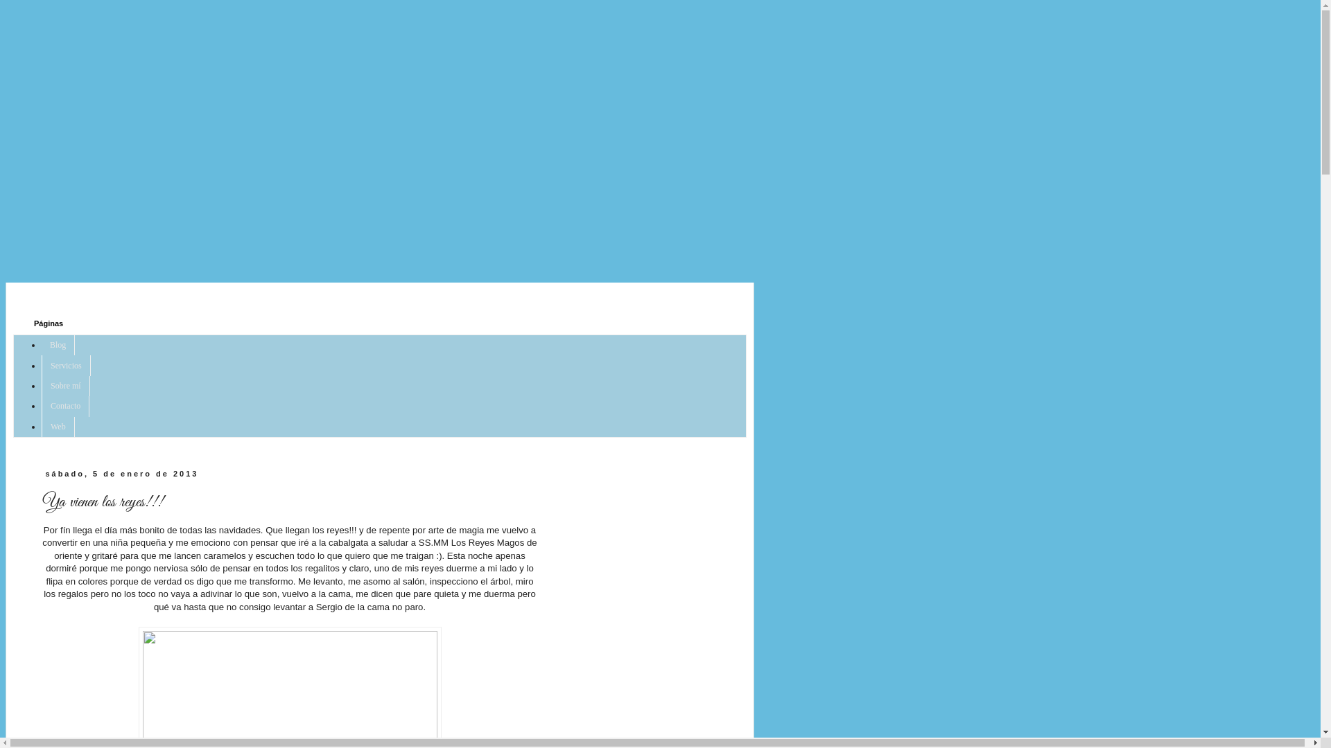  Describe the element at coordinates (65, 364) in the screenshot. I see `'Servicios'` at that location.